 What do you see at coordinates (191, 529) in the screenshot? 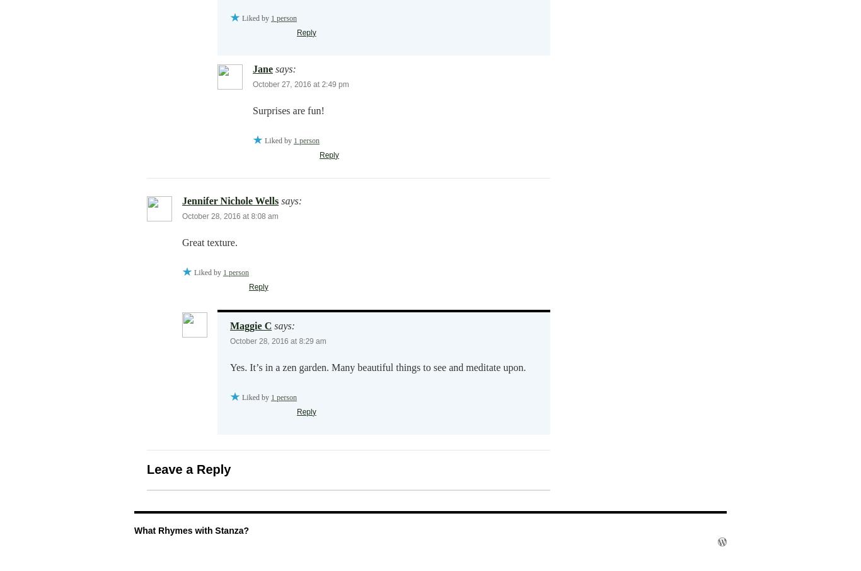
I see `'What Rhymes with Stanza?'` at bounding box center [191, 529].